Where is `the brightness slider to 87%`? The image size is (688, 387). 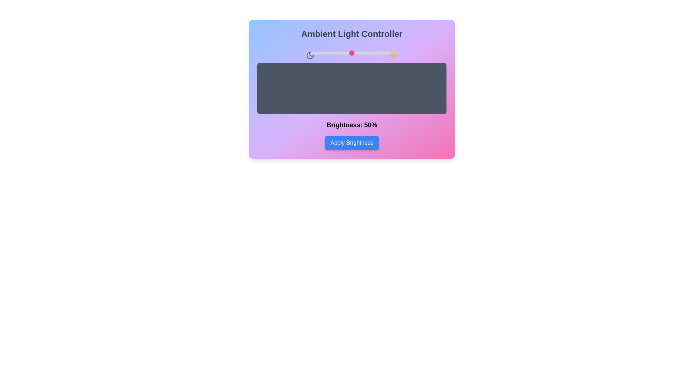
the brightness slider to 87% is located at coordinates (385, 52).